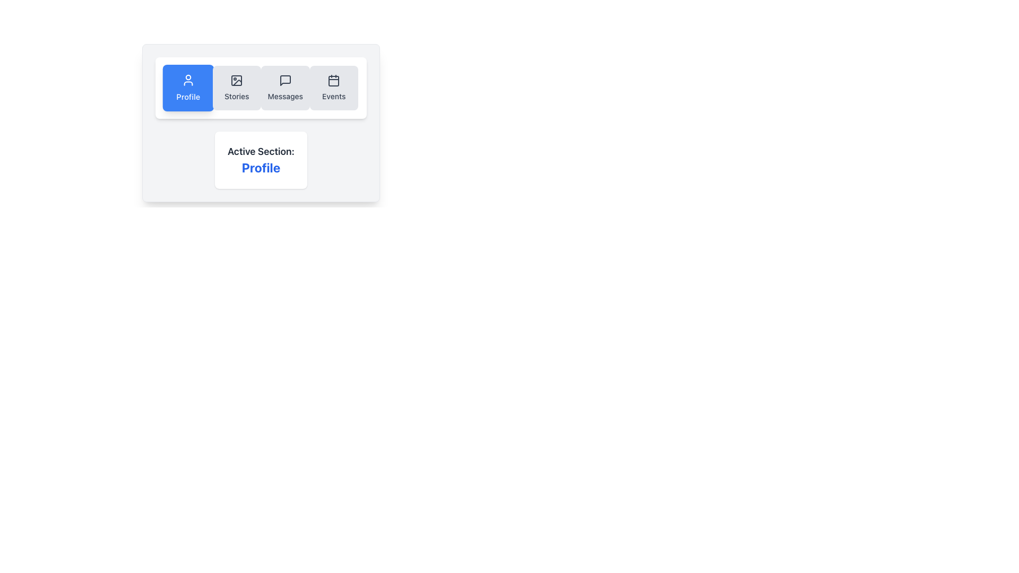  I want to click on the 'Messages' button icon in the navigation bar, which is the third icon from the left, so click(285, 80).